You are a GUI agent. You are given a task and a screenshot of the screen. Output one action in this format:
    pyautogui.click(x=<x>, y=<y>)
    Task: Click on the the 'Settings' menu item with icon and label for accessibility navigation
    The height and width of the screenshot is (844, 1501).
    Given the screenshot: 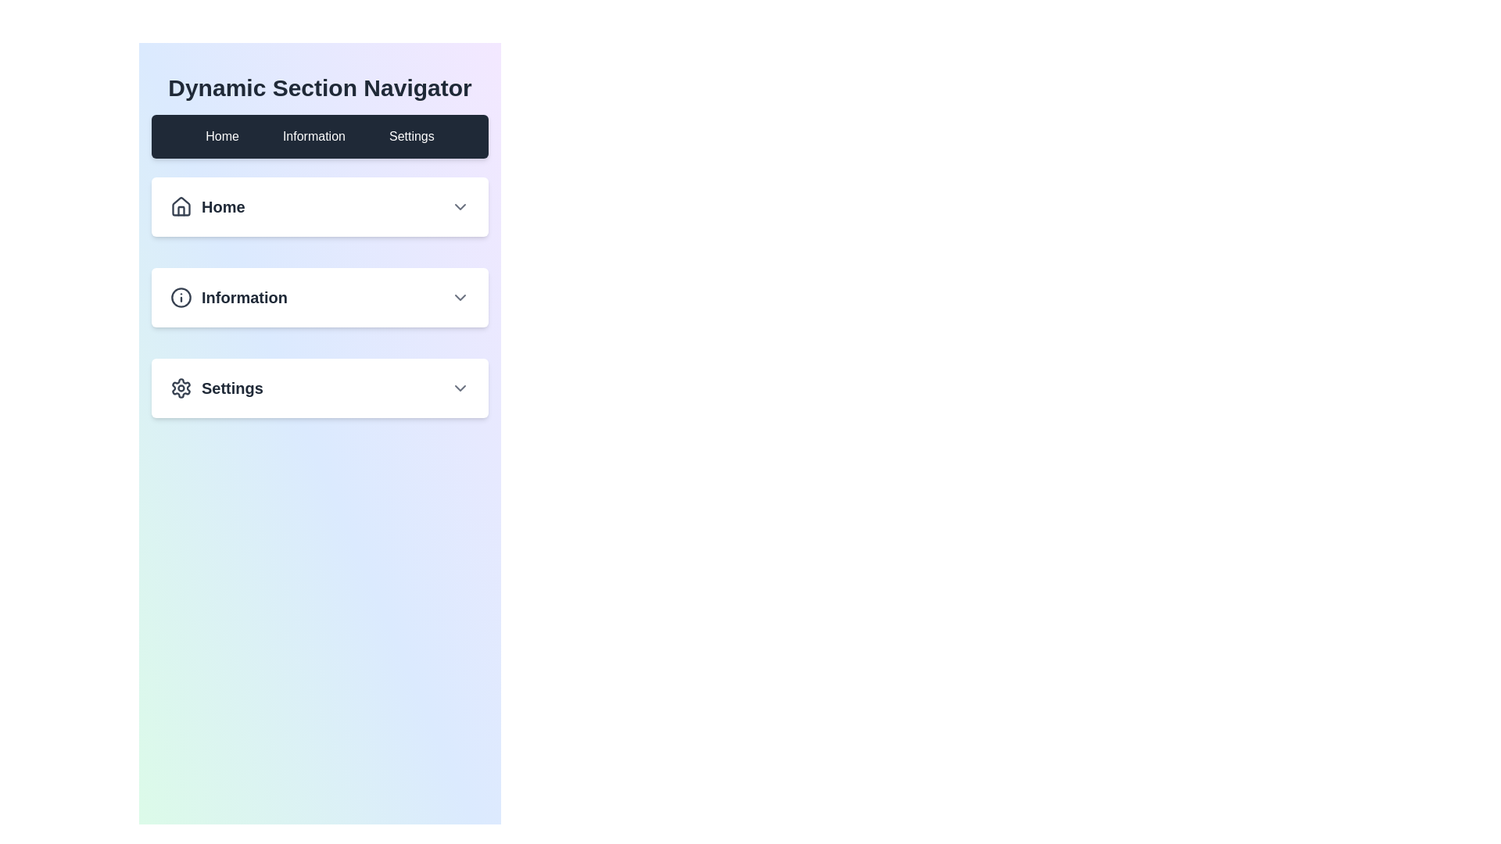 What is the action you would take?
    pyautogui.click(x=216, y=388)
    